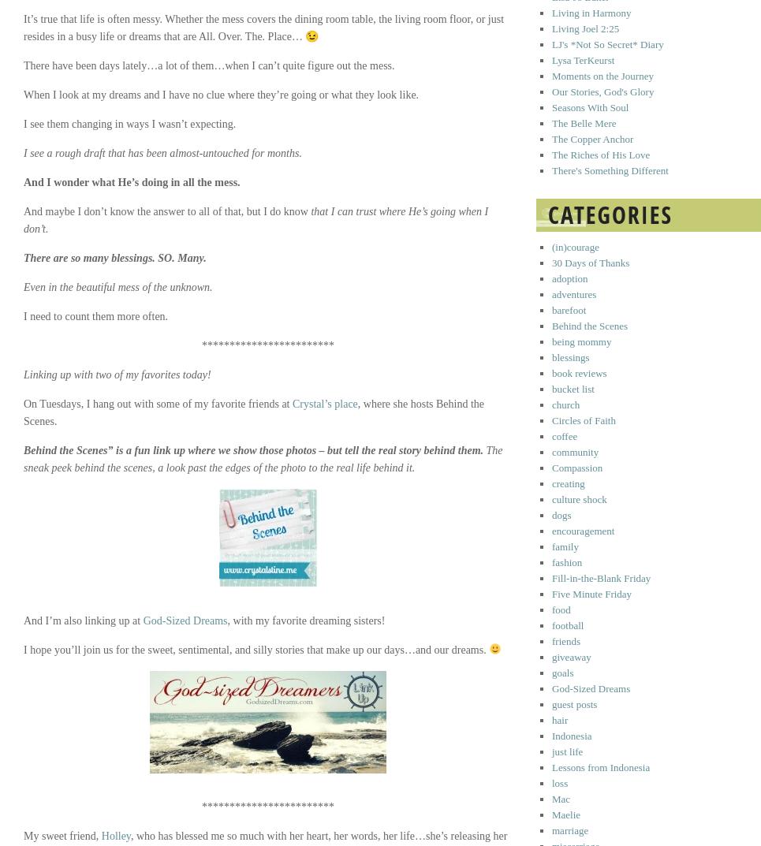  What do you see at coordinates (579, 373) in the screenshot?
I see `'book reviews'` at bounding box center [579, 373].